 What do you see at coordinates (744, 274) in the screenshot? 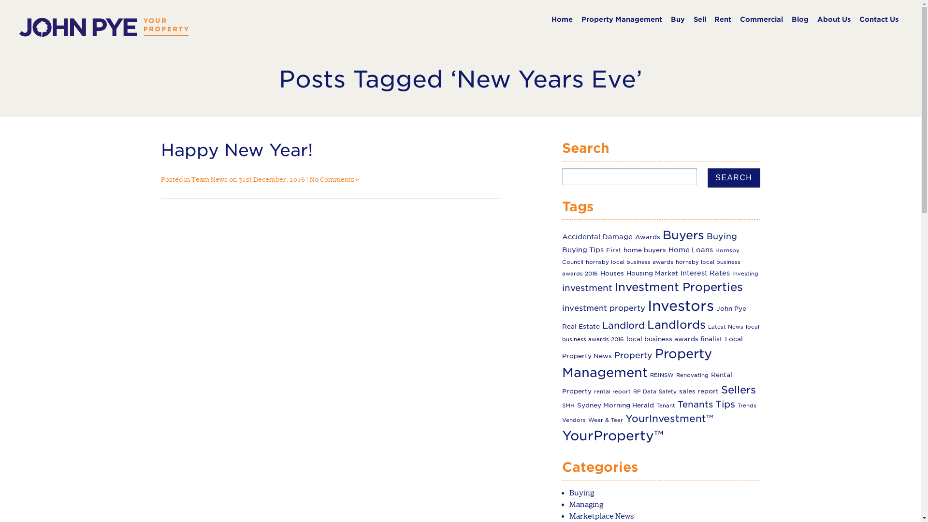
I see `'Investing'` at bounding box center [744, 274].